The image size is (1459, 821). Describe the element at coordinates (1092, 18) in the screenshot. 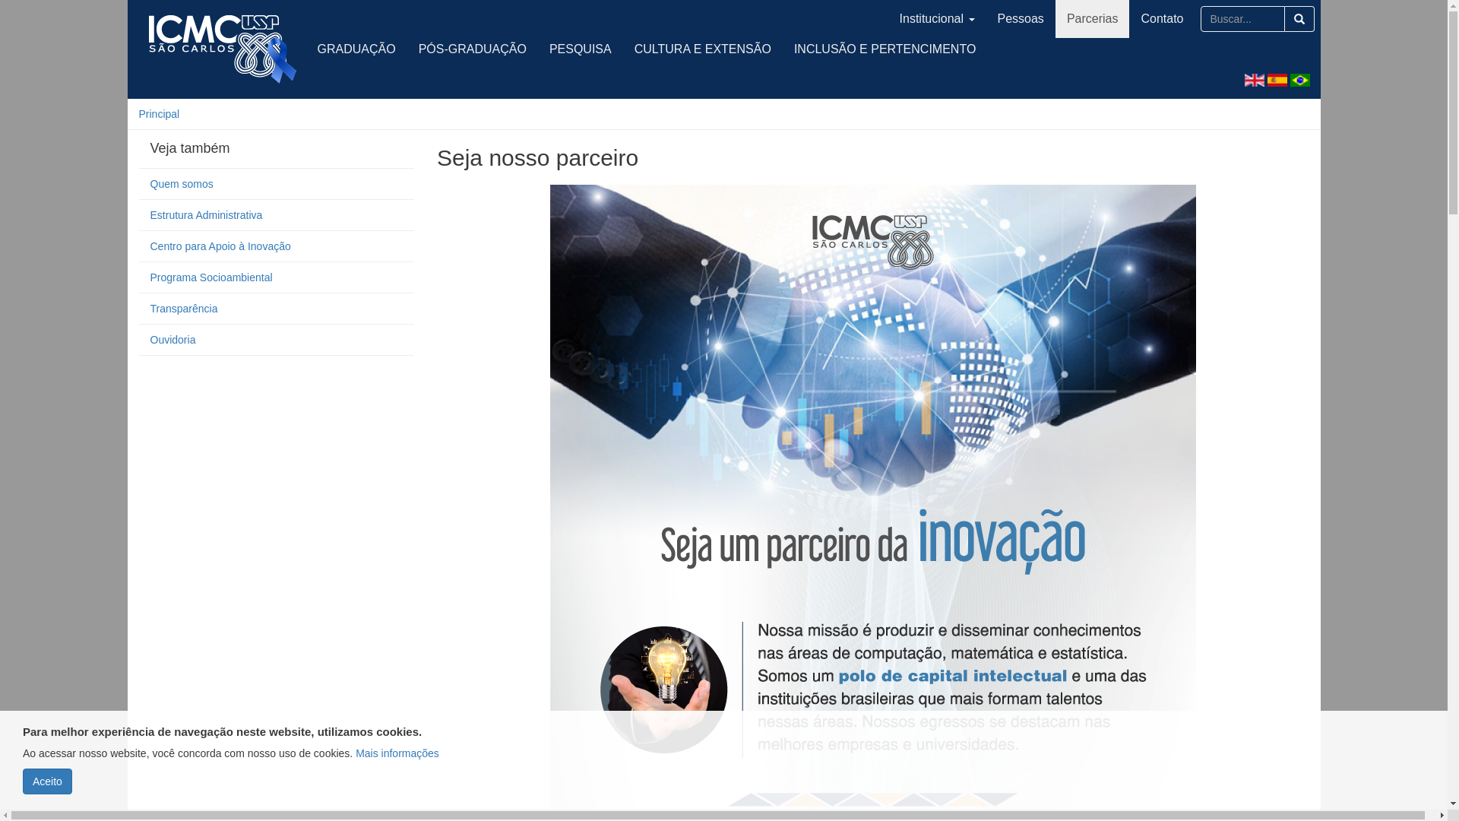

I see `'Parcerias'` at that location.